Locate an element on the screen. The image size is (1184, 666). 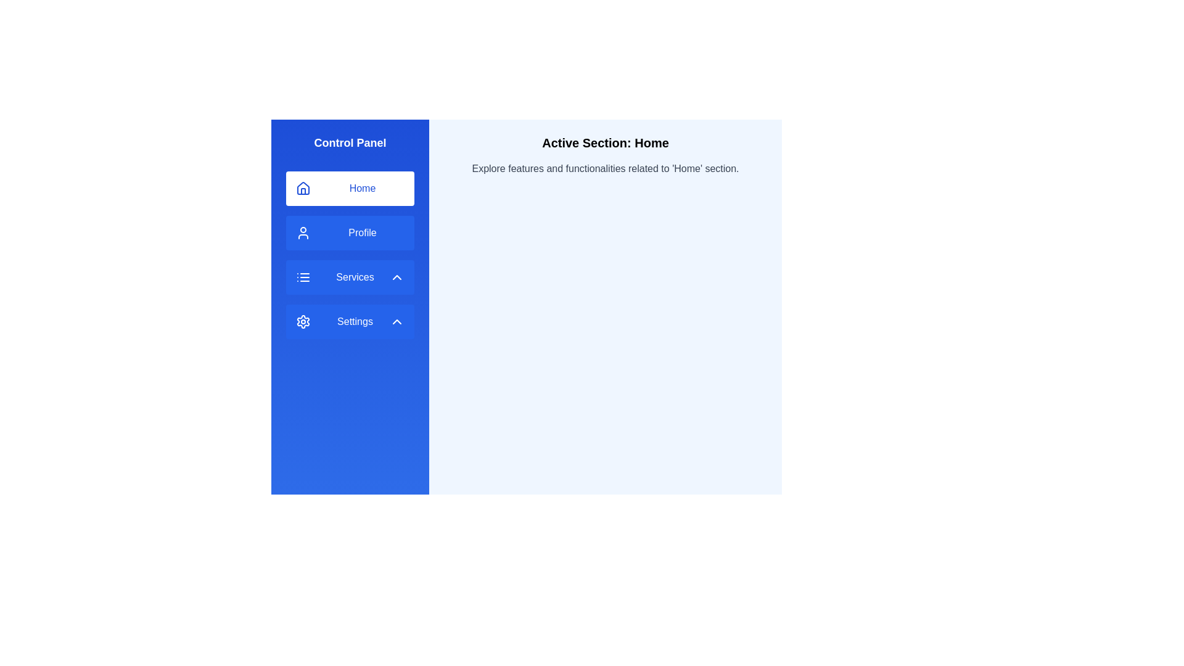
the 'Services' button located in the side navigation panel under the 'Control Panel' title is located at coordinates (349, 277).